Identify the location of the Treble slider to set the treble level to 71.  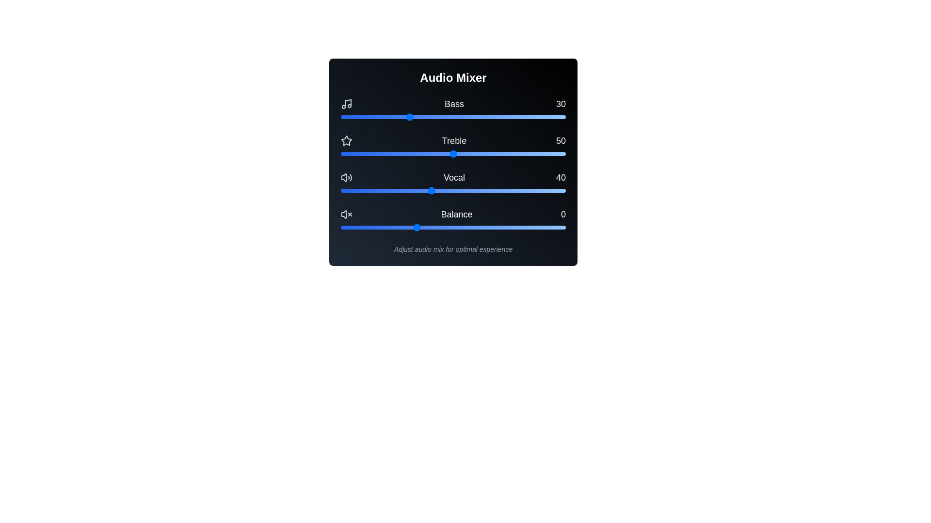
(500, 153).